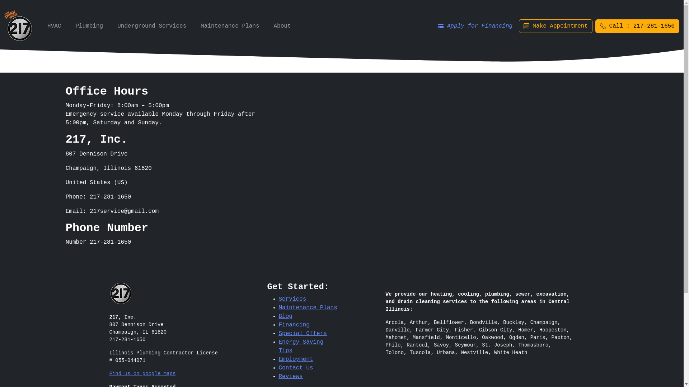 The width and height of the screenshot is (689, 387). Describe the element at coordinates (282, 26) in the screenshot. I see `'About'` at that location.